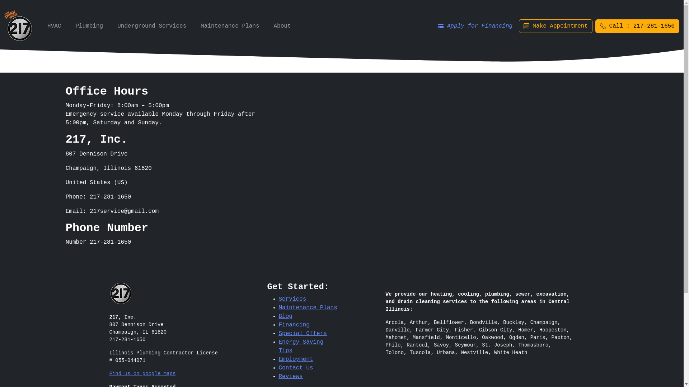 The width and height of the screenshot is (689, 387). Describe the element at coordinates (282, 26) in the screenshot. I see `'About'` at that location.